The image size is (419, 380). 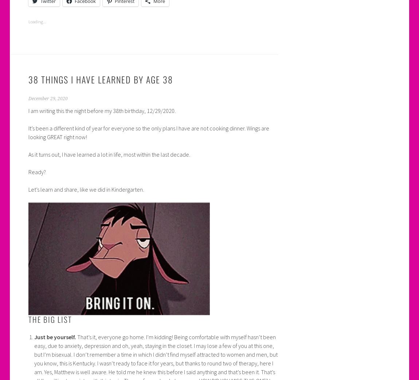 What do you see at coordinates (54, 337) in the screenshot?
I see `'Just be yourself.'` at bounding box center [54, 337].